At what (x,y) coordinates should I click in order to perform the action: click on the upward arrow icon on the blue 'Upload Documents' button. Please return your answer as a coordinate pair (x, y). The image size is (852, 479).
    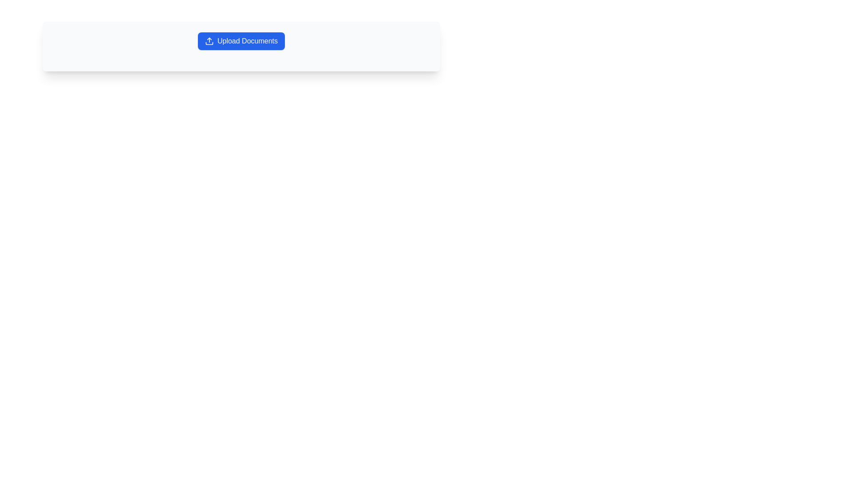
    Looking at the image, I should click on (209, 41).